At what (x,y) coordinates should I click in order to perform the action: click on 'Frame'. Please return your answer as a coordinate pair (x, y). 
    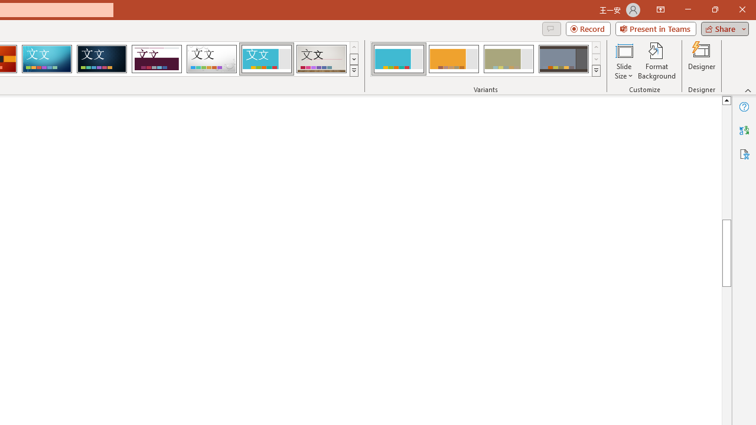
    Looking at the image, I should click on (266, 59).